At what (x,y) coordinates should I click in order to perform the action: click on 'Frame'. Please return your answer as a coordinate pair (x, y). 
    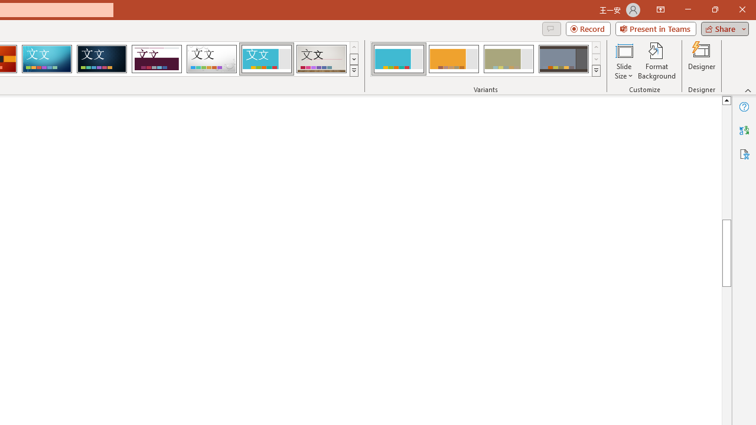
    Looking at the image, I should click on (266, 59).